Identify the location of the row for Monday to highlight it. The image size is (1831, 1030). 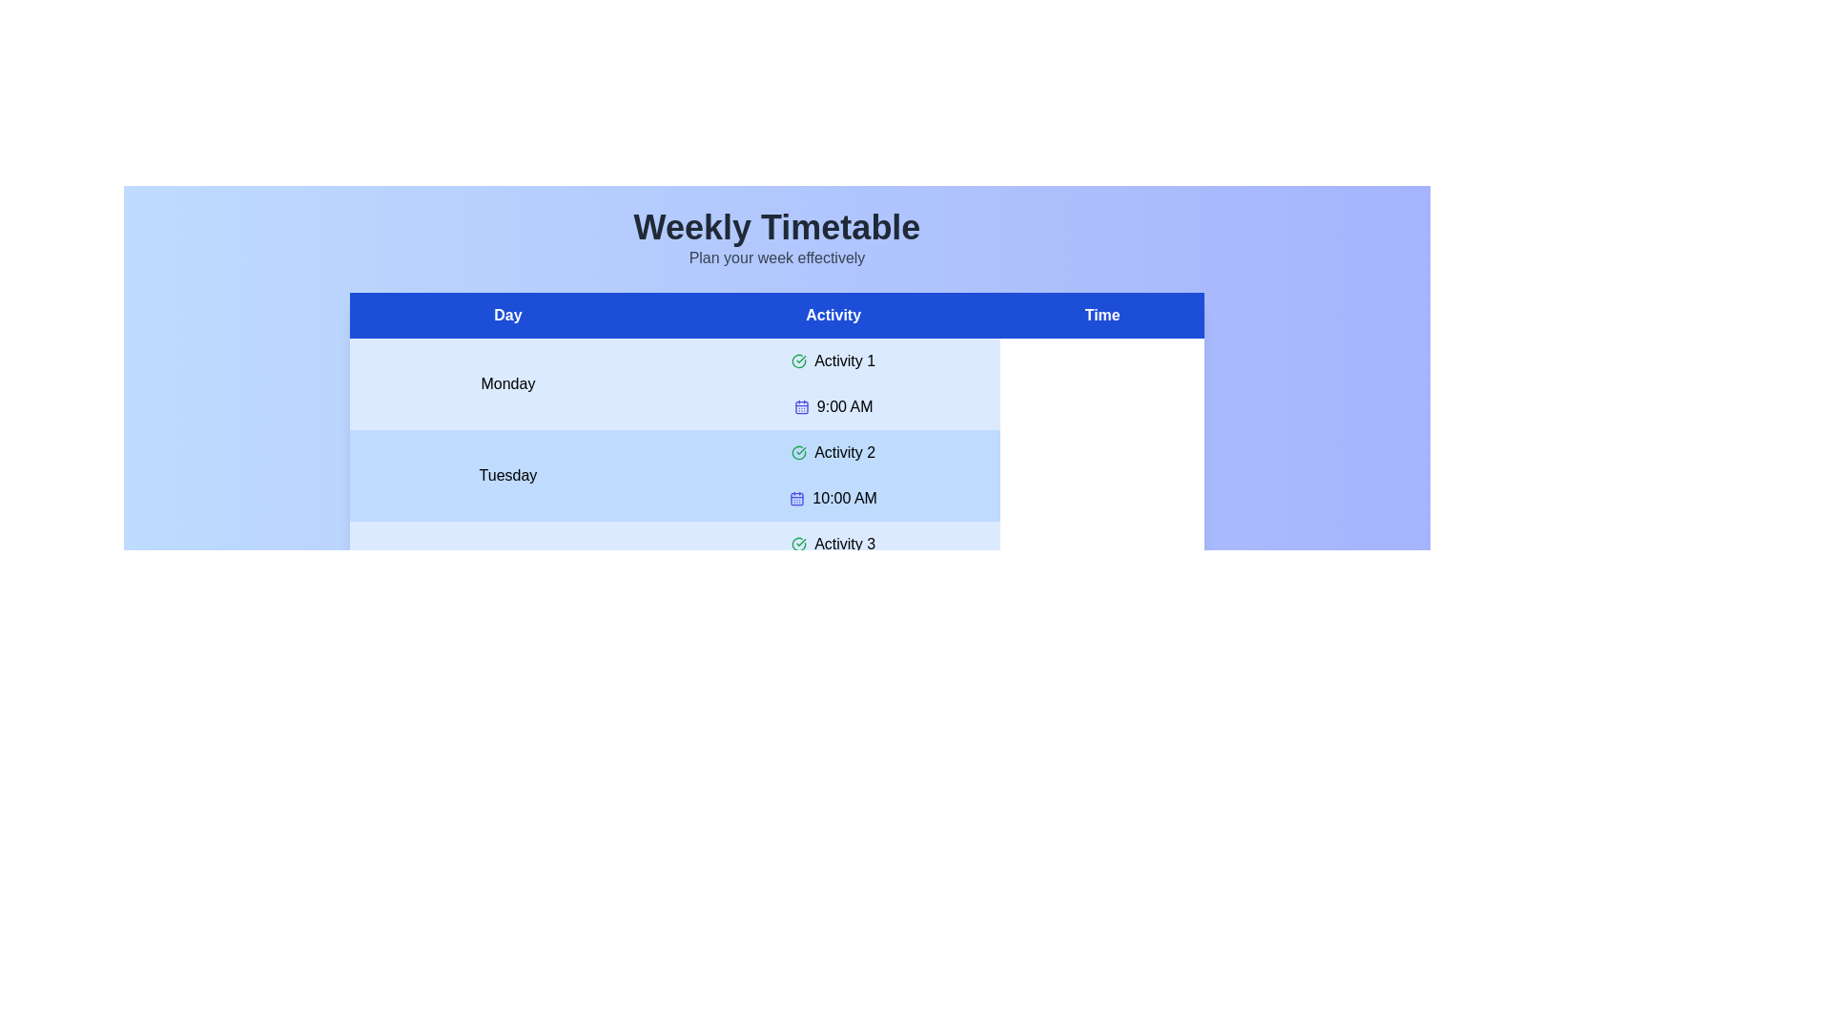
(777, 383).